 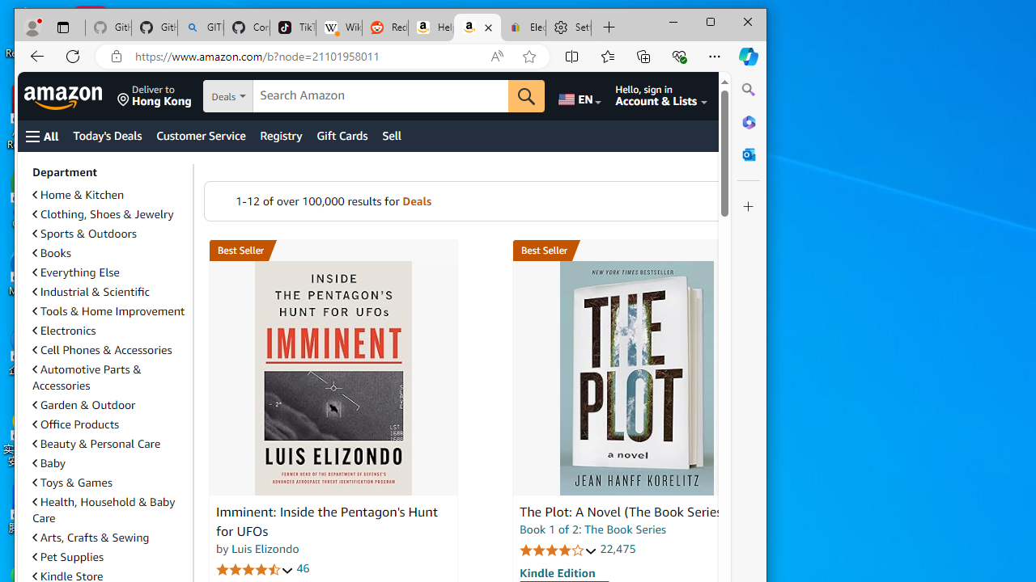 What do you see at coordinates (635, 250) in the screenshot?
I see `'Best Seller in Heist Thrillers'` at bounding box center [635, 250].